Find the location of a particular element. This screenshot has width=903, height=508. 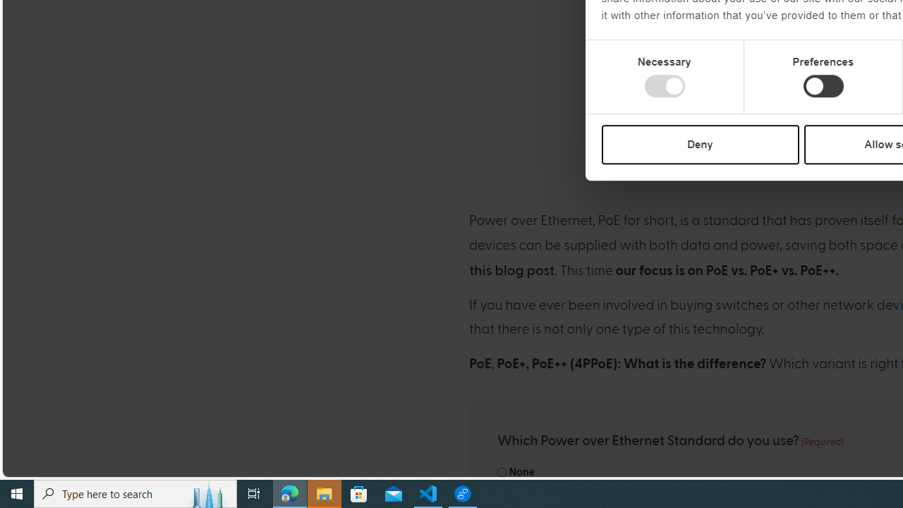

'Deny' is located at coordinates (700, 144).